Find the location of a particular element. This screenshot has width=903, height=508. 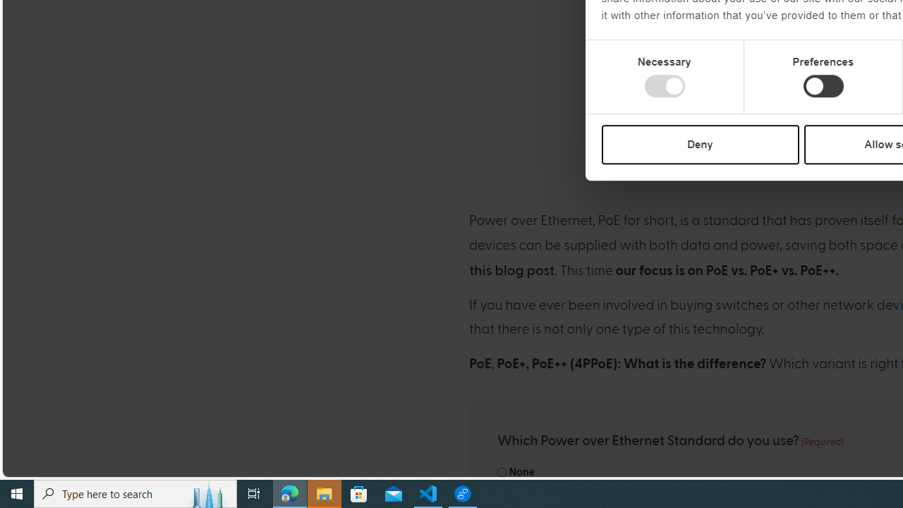

'Deny' is located at coordinates (700, 144).